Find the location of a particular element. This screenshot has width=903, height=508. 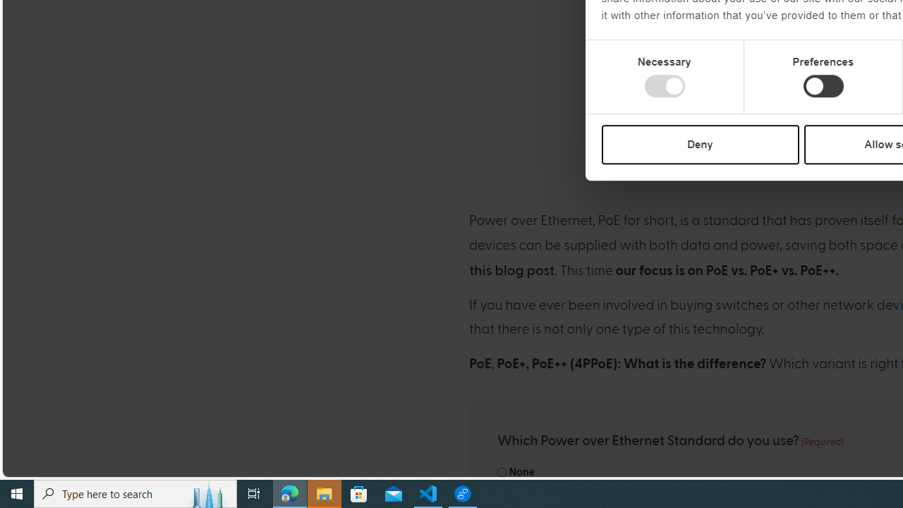

'Deny' is located at coordinates (700, 144).